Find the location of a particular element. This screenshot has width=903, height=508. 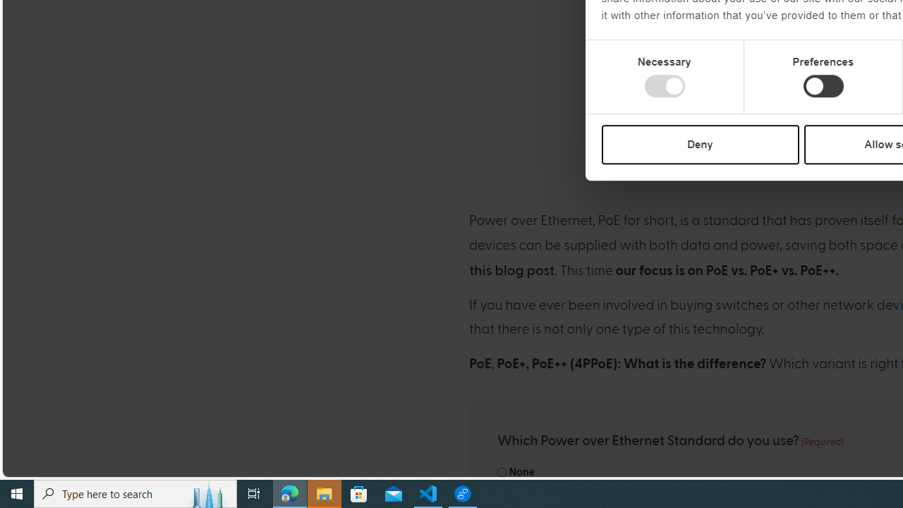

'Deny' is located at coordinates (700, 144).